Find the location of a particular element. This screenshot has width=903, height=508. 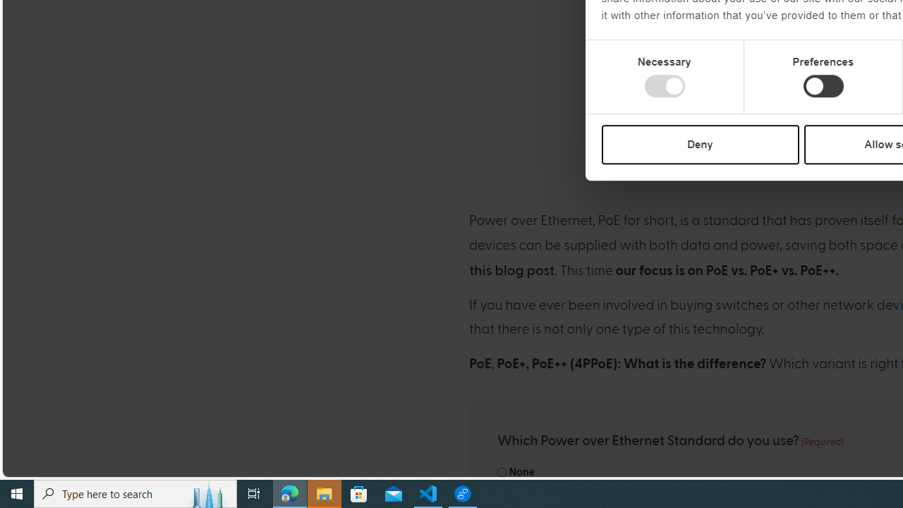

'Deny' is located at coordinates (700, 144).